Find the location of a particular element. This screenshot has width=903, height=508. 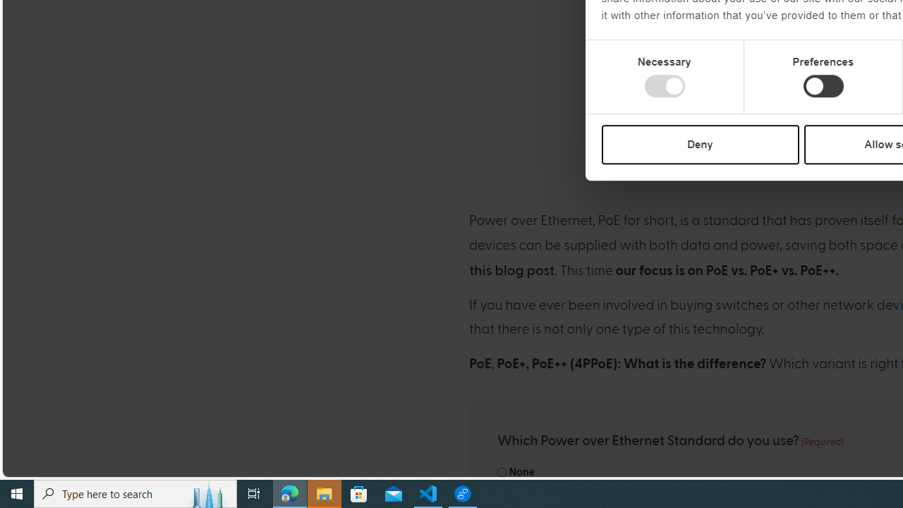

'Deny' is located at coordinates (700, 144).